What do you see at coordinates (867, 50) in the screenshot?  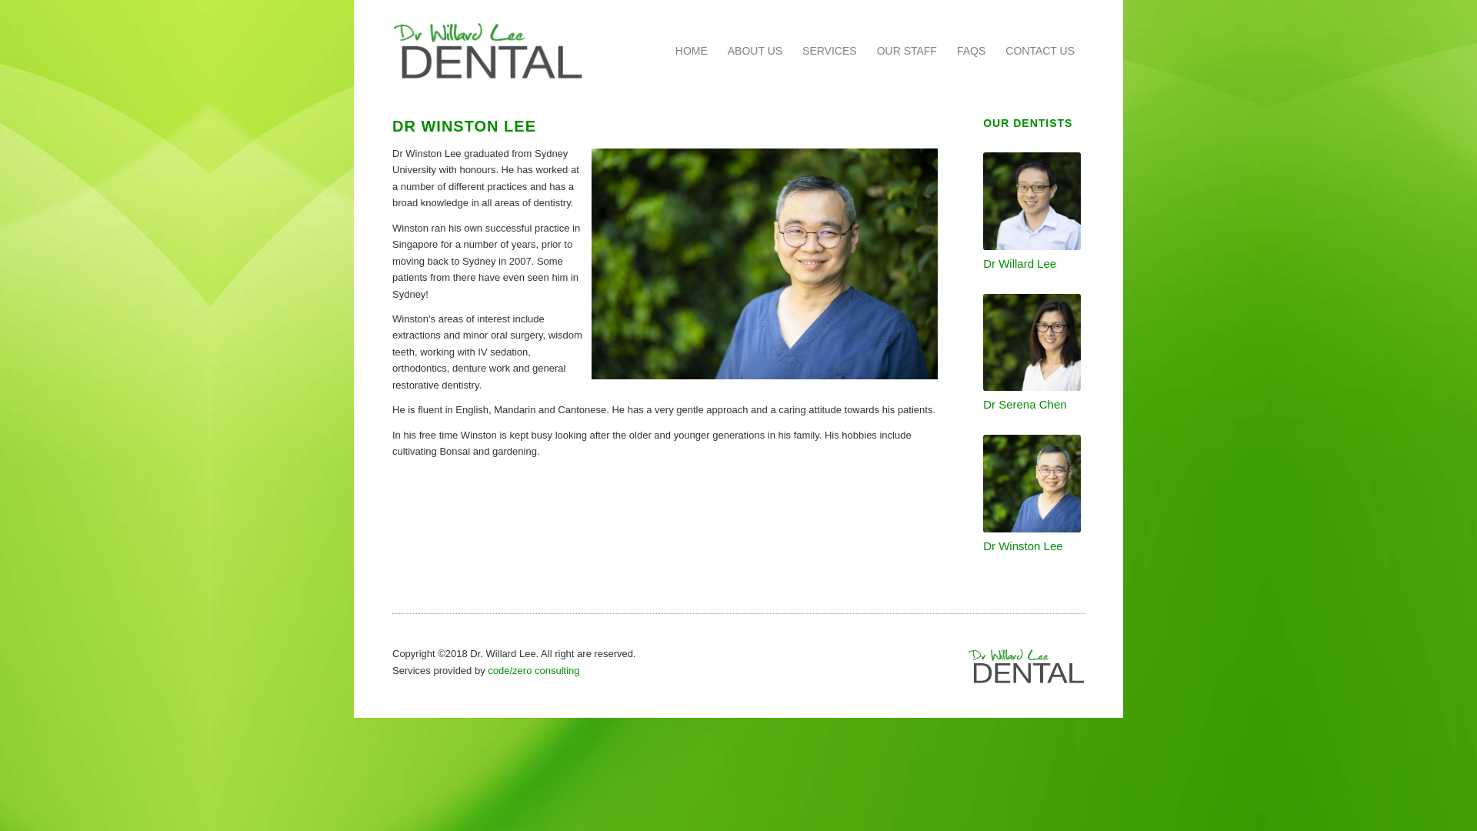 I see `'OUR STAFF'` at bounding box center [867, 50].